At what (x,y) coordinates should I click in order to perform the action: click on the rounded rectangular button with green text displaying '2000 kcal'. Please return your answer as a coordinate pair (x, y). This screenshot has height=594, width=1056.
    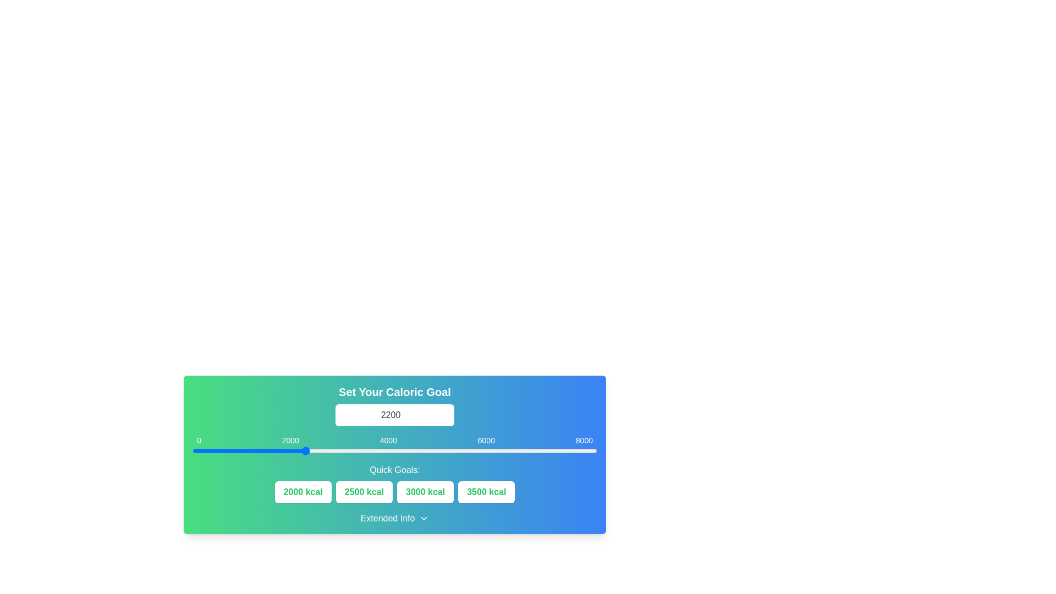
    Looking at the image, I should click on (303, 491).